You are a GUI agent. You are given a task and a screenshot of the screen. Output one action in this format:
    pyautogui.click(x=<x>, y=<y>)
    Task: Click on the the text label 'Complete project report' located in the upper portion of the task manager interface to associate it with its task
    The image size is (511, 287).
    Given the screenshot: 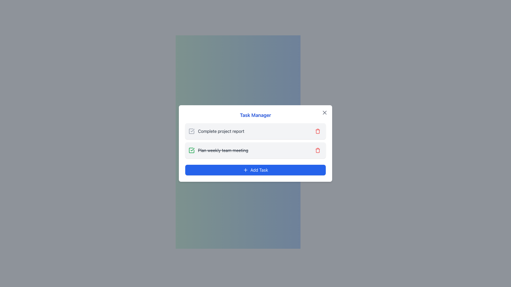 What is the action you would take?
    pyautogui.click(x=221, y=131)
    